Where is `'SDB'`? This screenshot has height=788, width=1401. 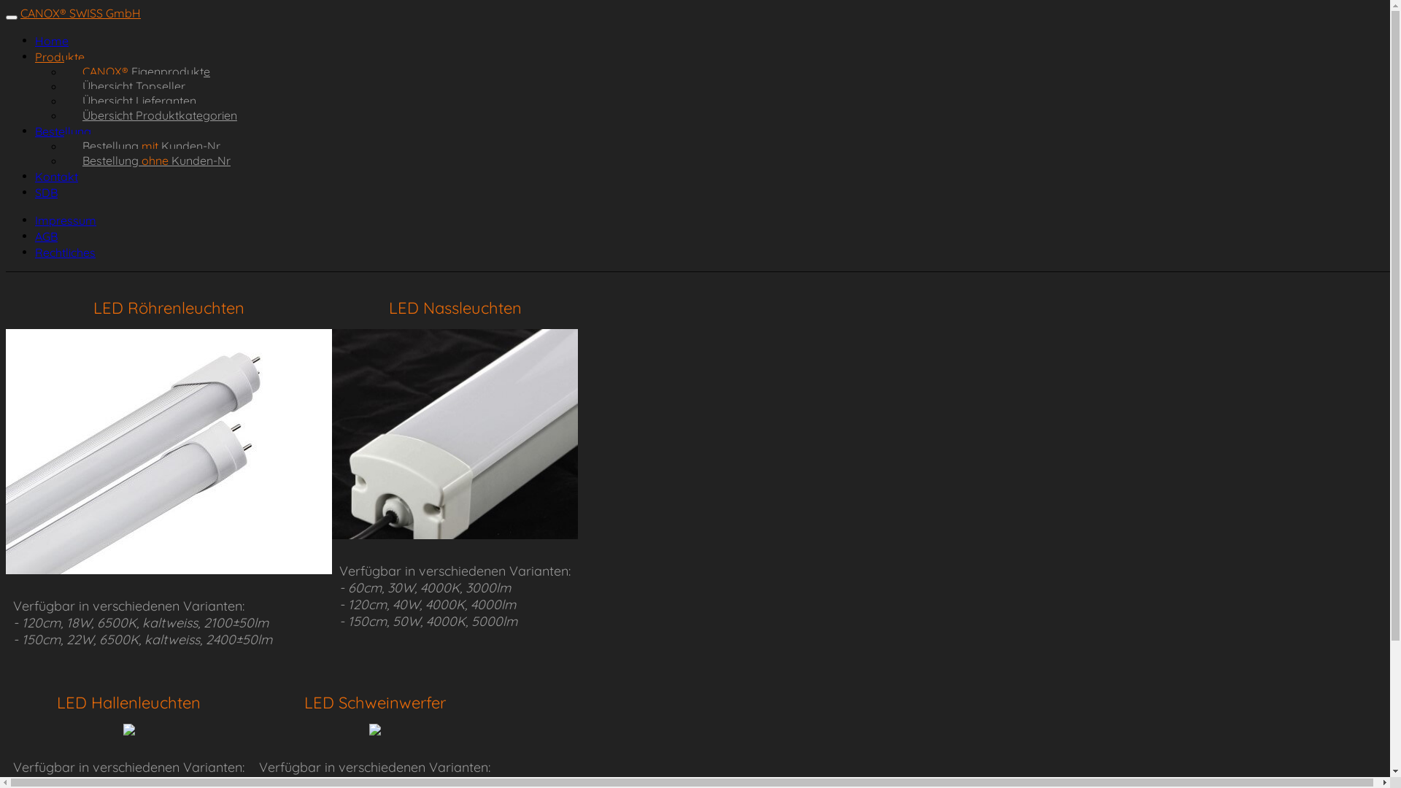
'SDB' is located at coordinates (46, 191).